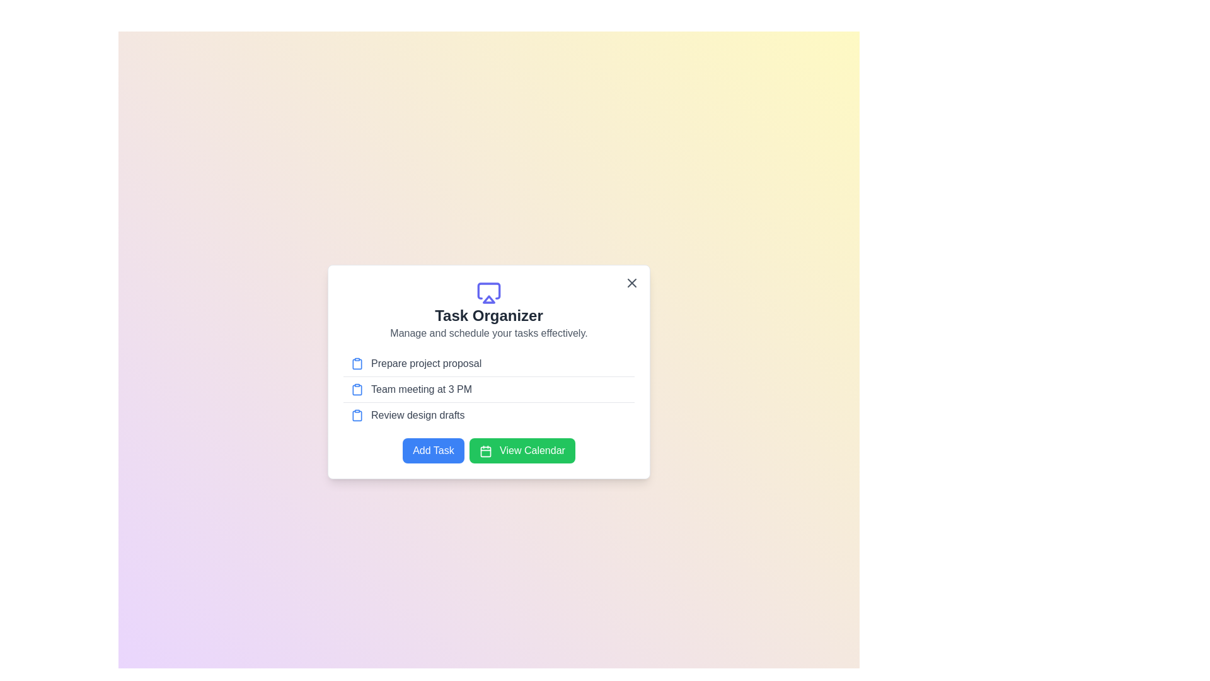  I want to click on the header icon located at the top center of the modal dialog box, directly above the title 'Task Organizer', so click(488, 293).